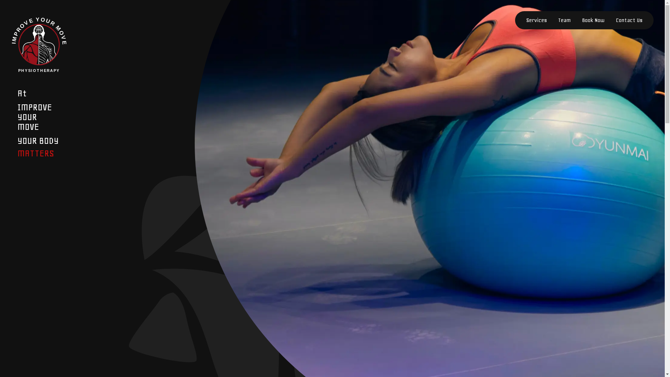  Describe the element at coordinates (564, 20) in the screenshot. I see `'Team'` at that location.